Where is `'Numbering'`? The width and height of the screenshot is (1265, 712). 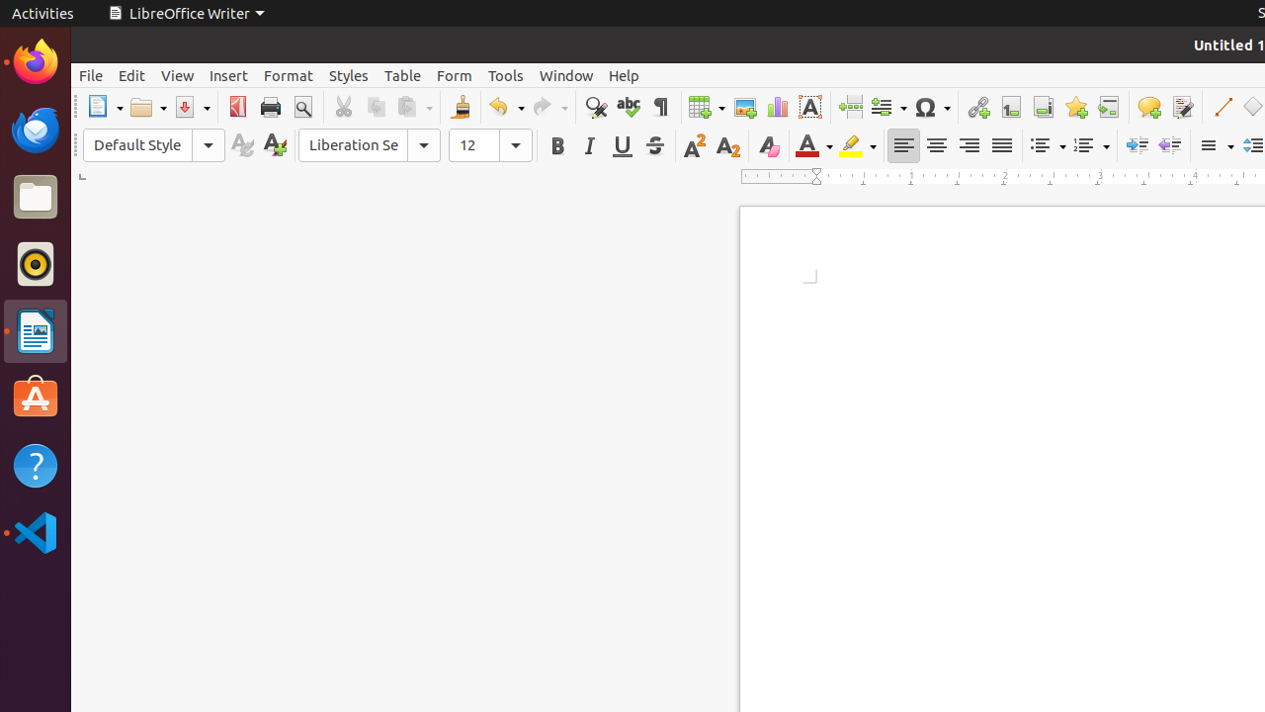
'Numbering' is located at coordinates (1090, 144).